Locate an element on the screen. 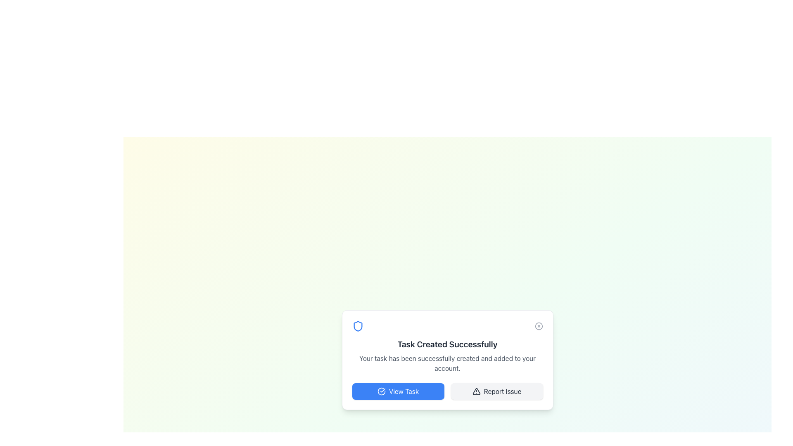 Image resolution: width=793 pixels, height=446 pixels. the SVG graphical element (circle) located in the top-right corner of the notification or message display box, which serves as a decorative component and does not have an interactive function is located at coordinates (539, 326).